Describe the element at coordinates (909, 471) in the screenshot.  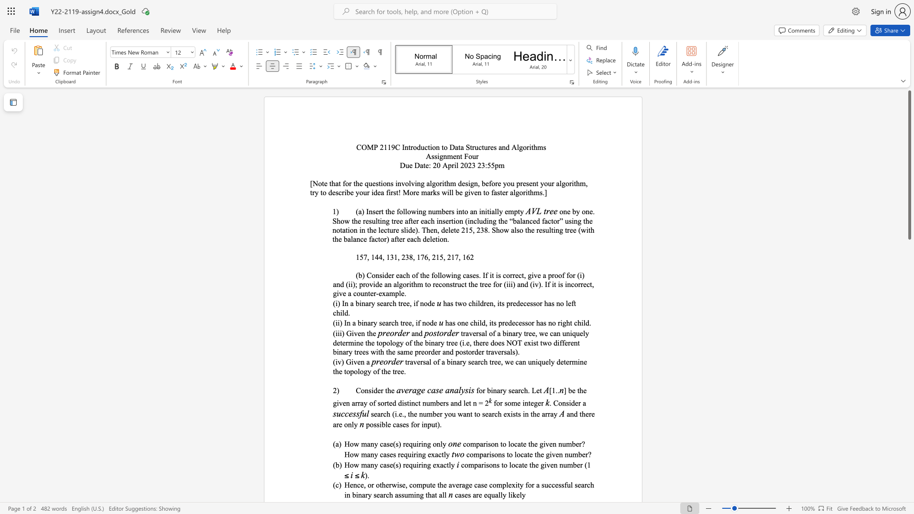
I see `the scrollbar on the right to move the page downward` at that location.